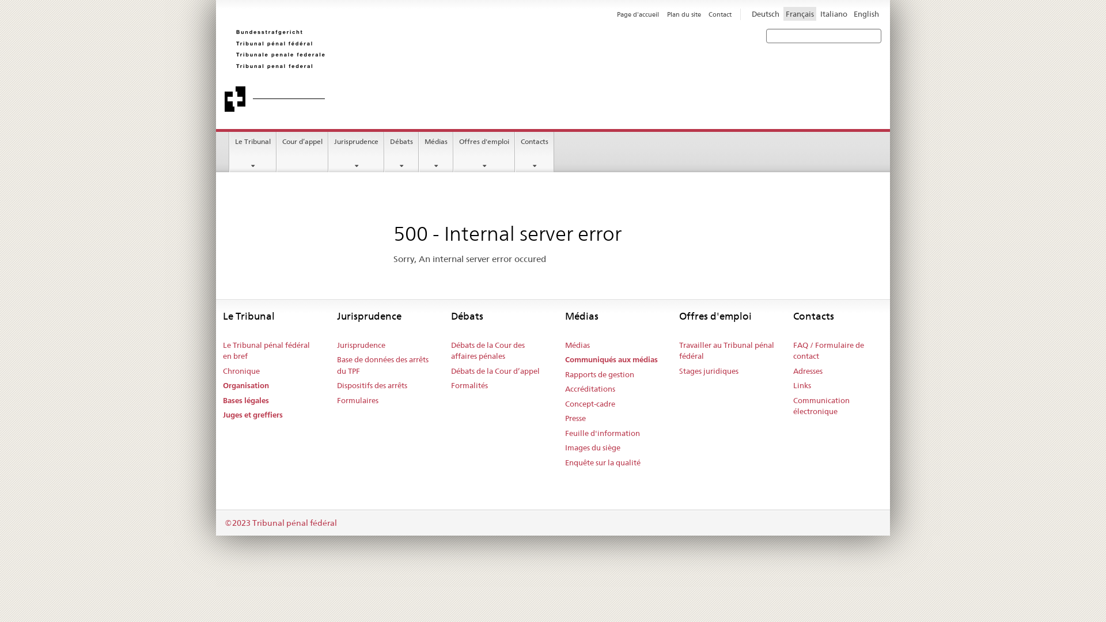  I want to click on 'Italiano', so click(817, 13).